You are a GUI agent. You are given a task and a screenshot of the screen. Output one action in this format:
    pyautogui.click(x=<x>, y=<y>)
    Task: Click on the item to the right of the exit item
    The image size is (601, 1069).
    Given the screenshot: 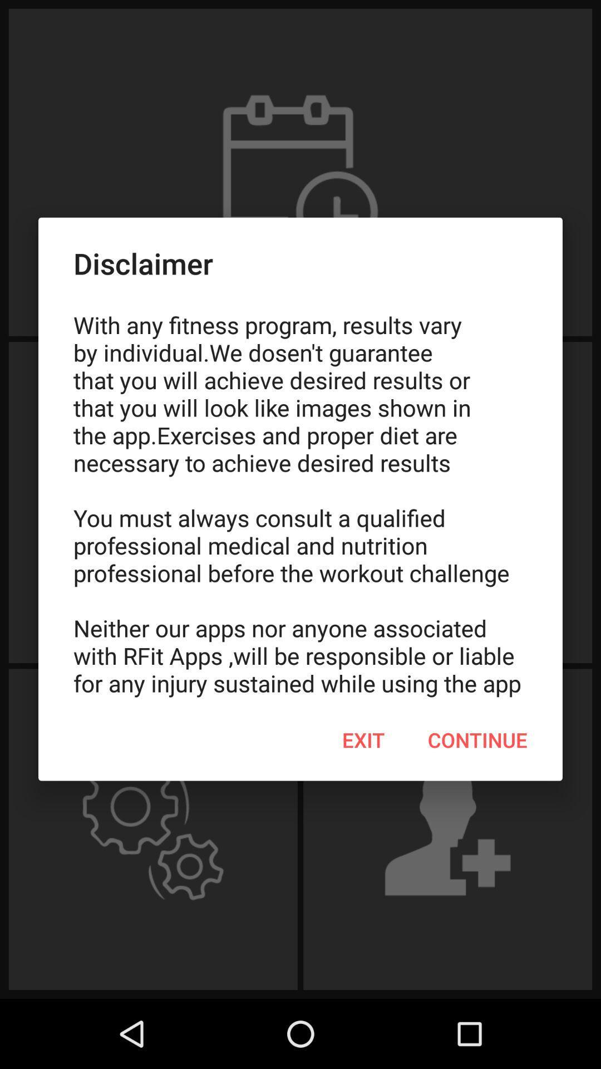 What is the action you would take?
    pyautogui.click(x=477, y=740)
    